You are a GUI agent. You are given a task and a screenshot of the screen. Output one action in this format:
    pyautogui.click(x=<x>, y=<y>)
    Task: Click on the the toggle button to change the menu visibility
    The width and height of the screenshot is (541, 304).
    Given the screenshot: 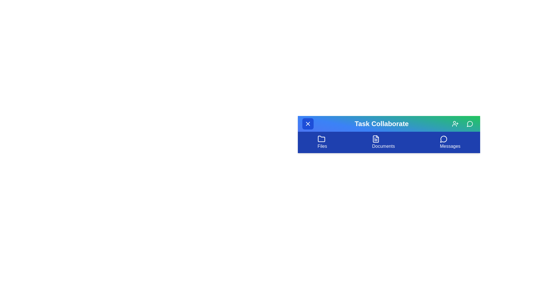 What is the action you would take?
    pyautogui.click(x=308, y=123)
    